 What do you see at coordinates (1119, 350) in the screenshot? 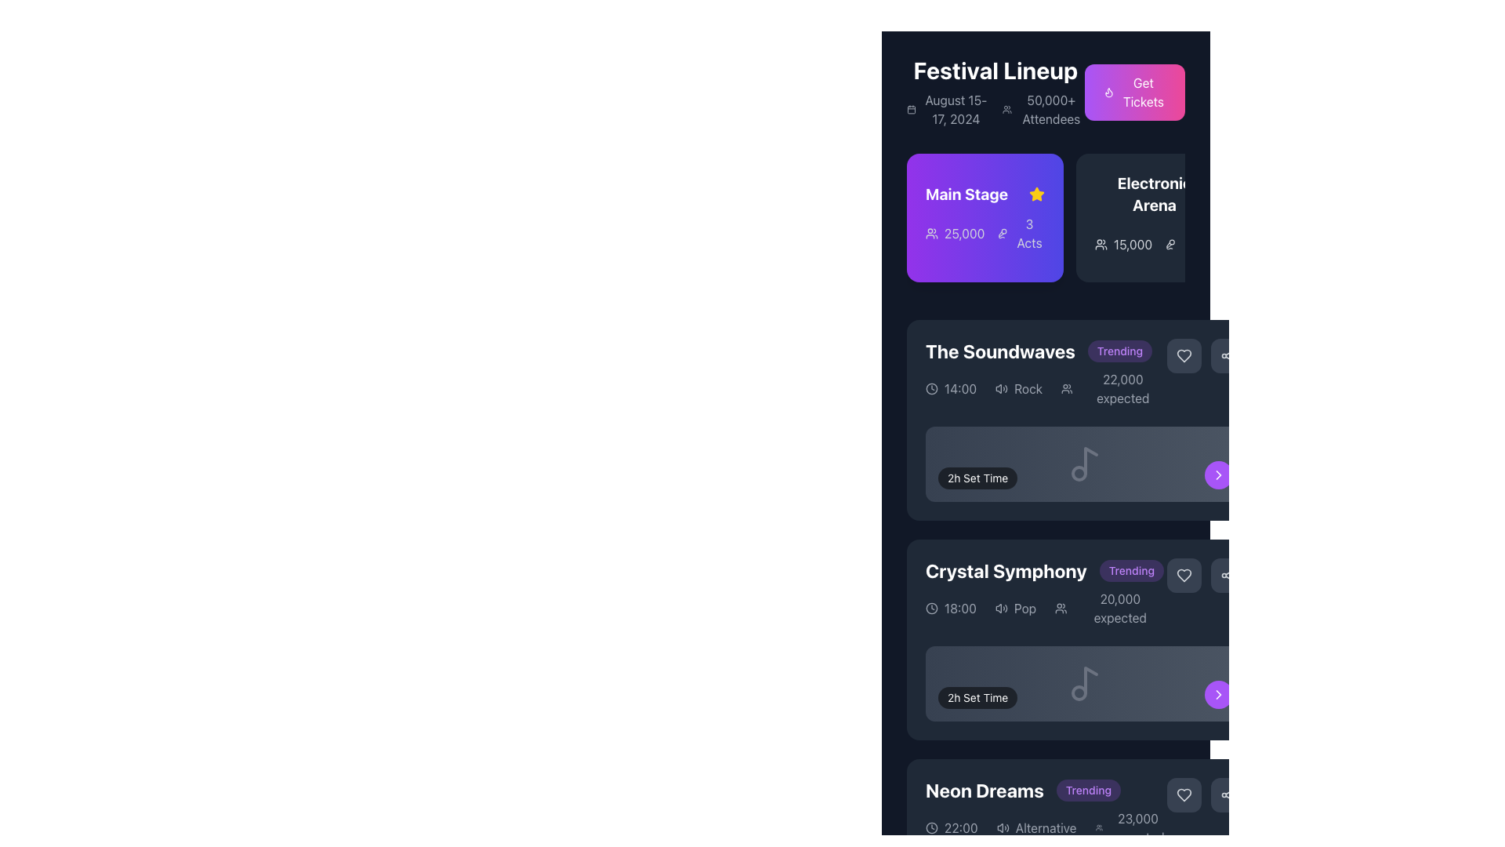
I see `the Badge/Label indicating a status or categorization, located to the right of the text 'The Soundwaves'` at bounding box center [1119, 350].